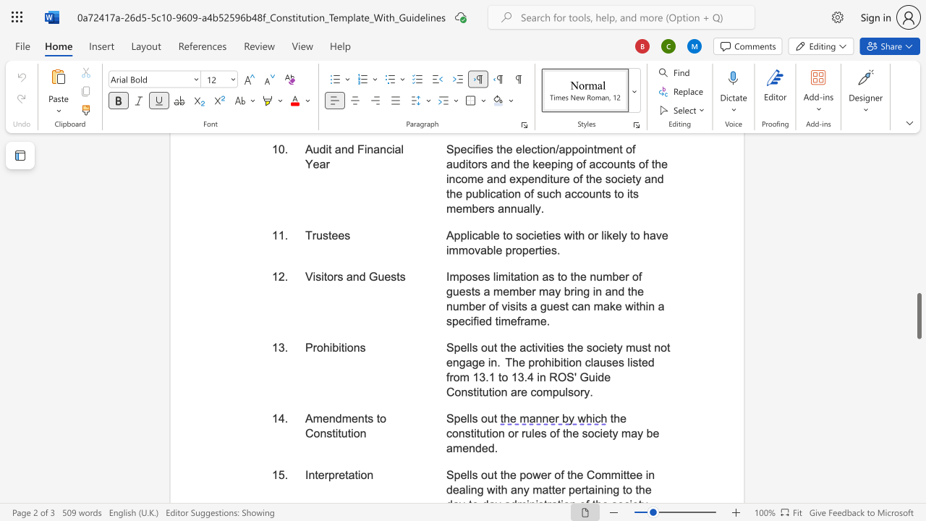 This screenshot has width=926, height=521. What do you see at coordinates (918, 310) in the screenshot?
I see `the scrollbar on the right to move the page upward` at bounding box center [918, 310].